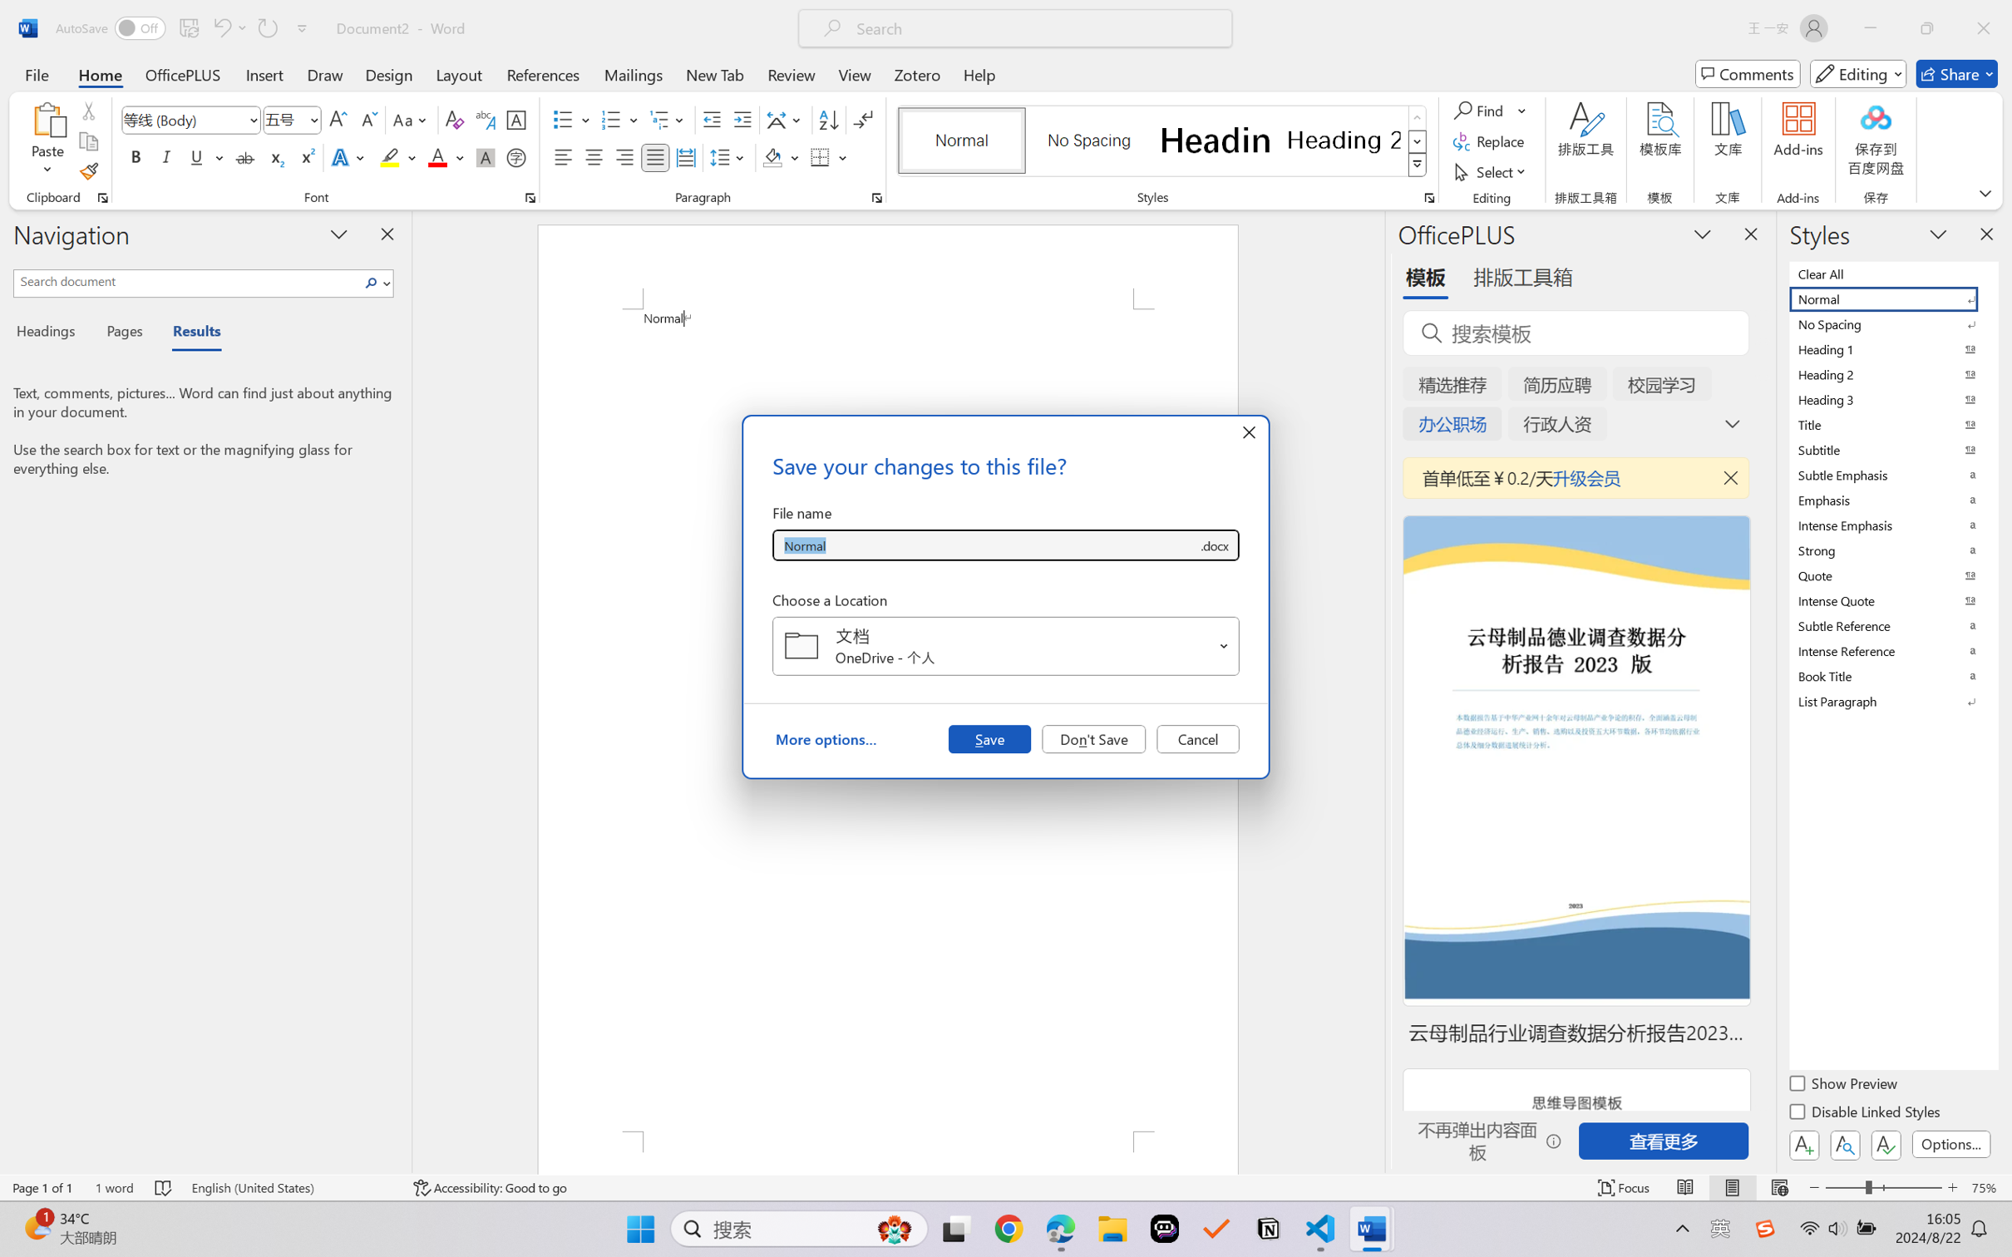 This screenshot has width=2012, height=1257. Describe the element at coordinates (1891, 525) in the screenshot. I see `'Intense Emphasis'` at that location.